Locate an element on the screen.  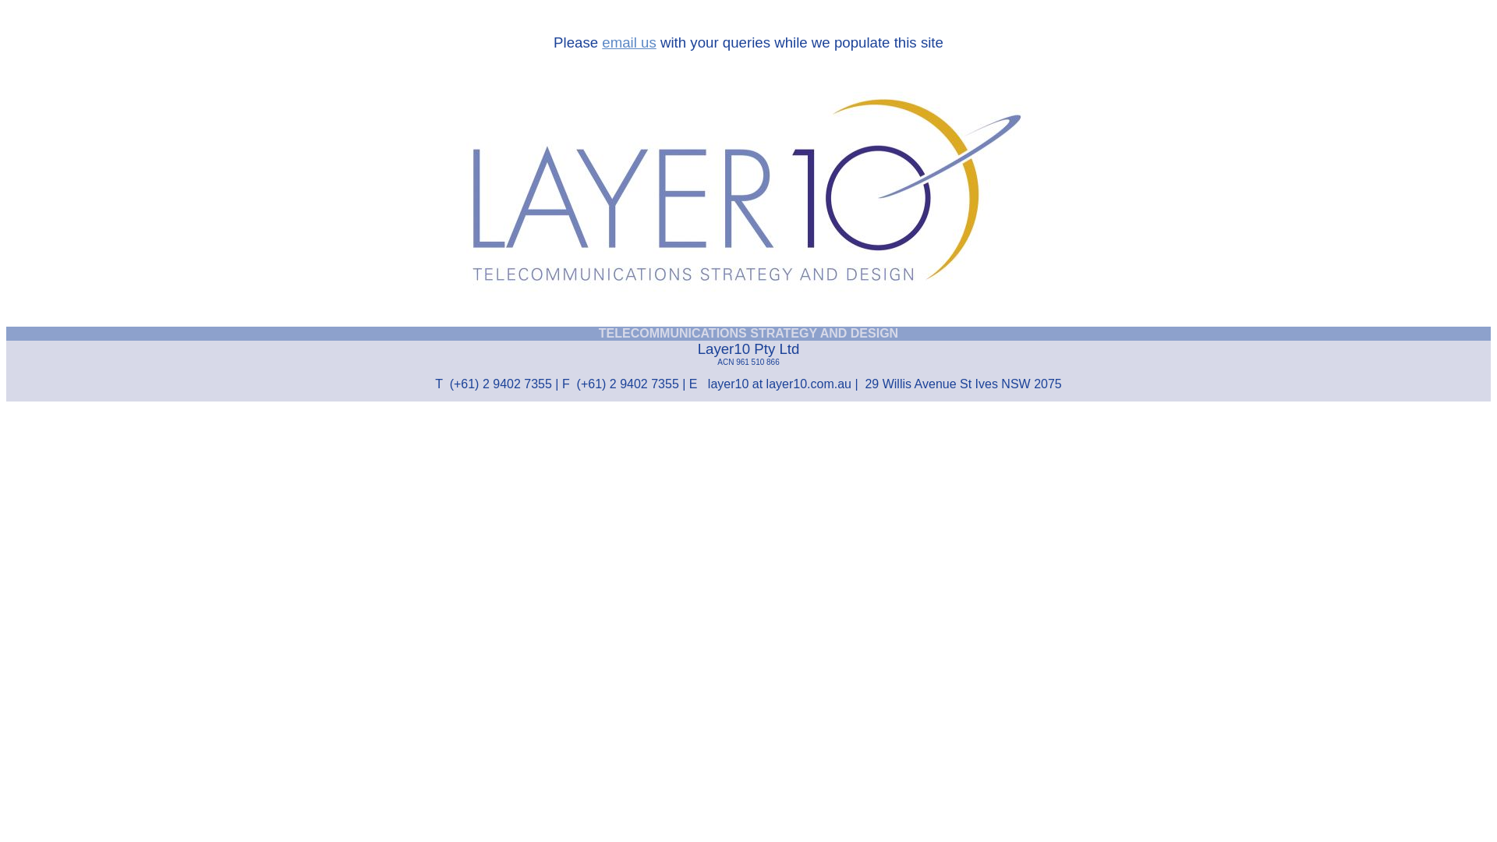
'email us' is located at coordinates (628, 41).